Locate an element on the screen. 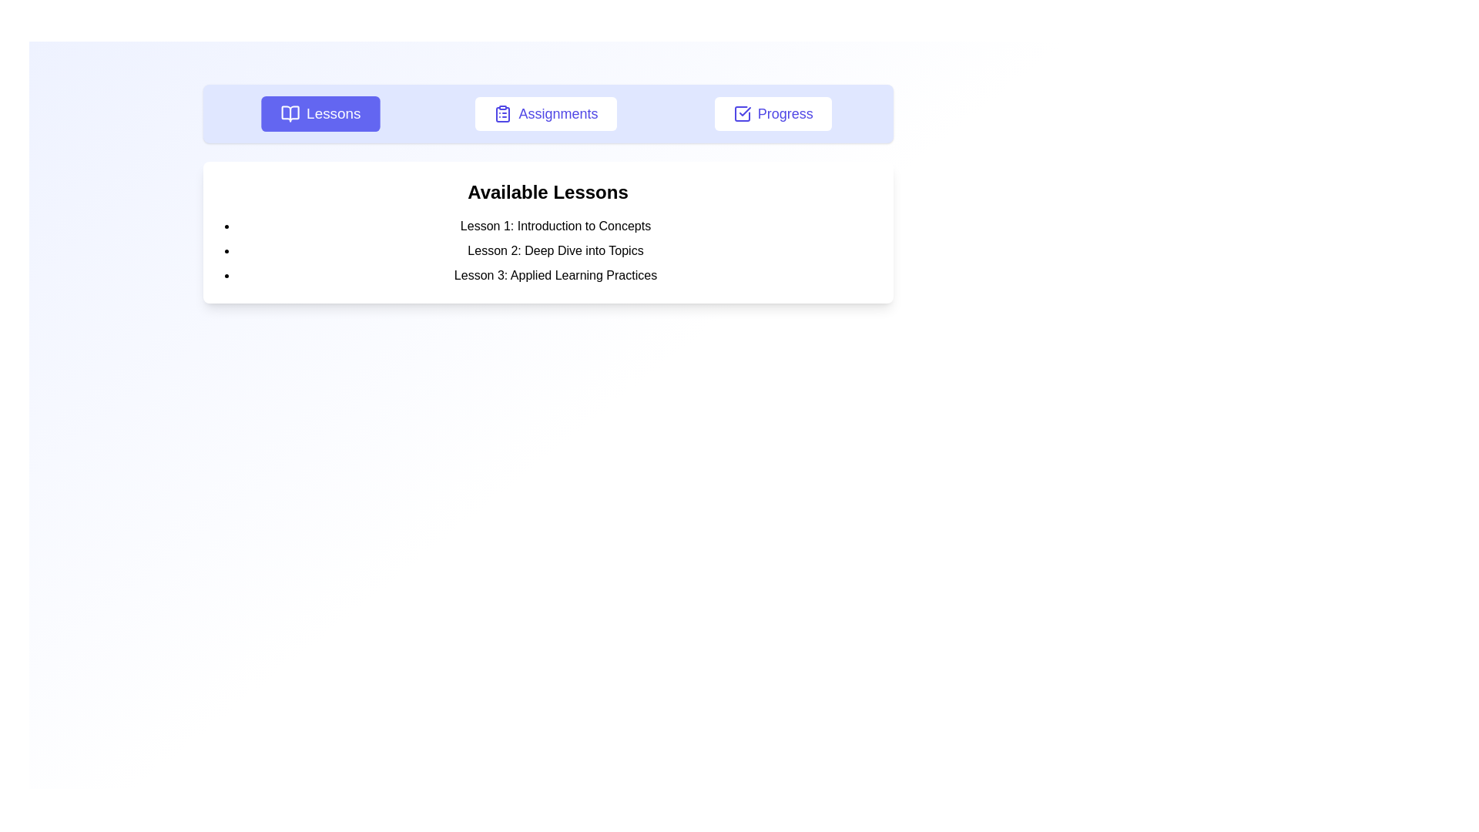  the 'Lessons' button, which is a rectangular button with a purple background and an icon of an open book on the left is located at coordinates (320, 112).